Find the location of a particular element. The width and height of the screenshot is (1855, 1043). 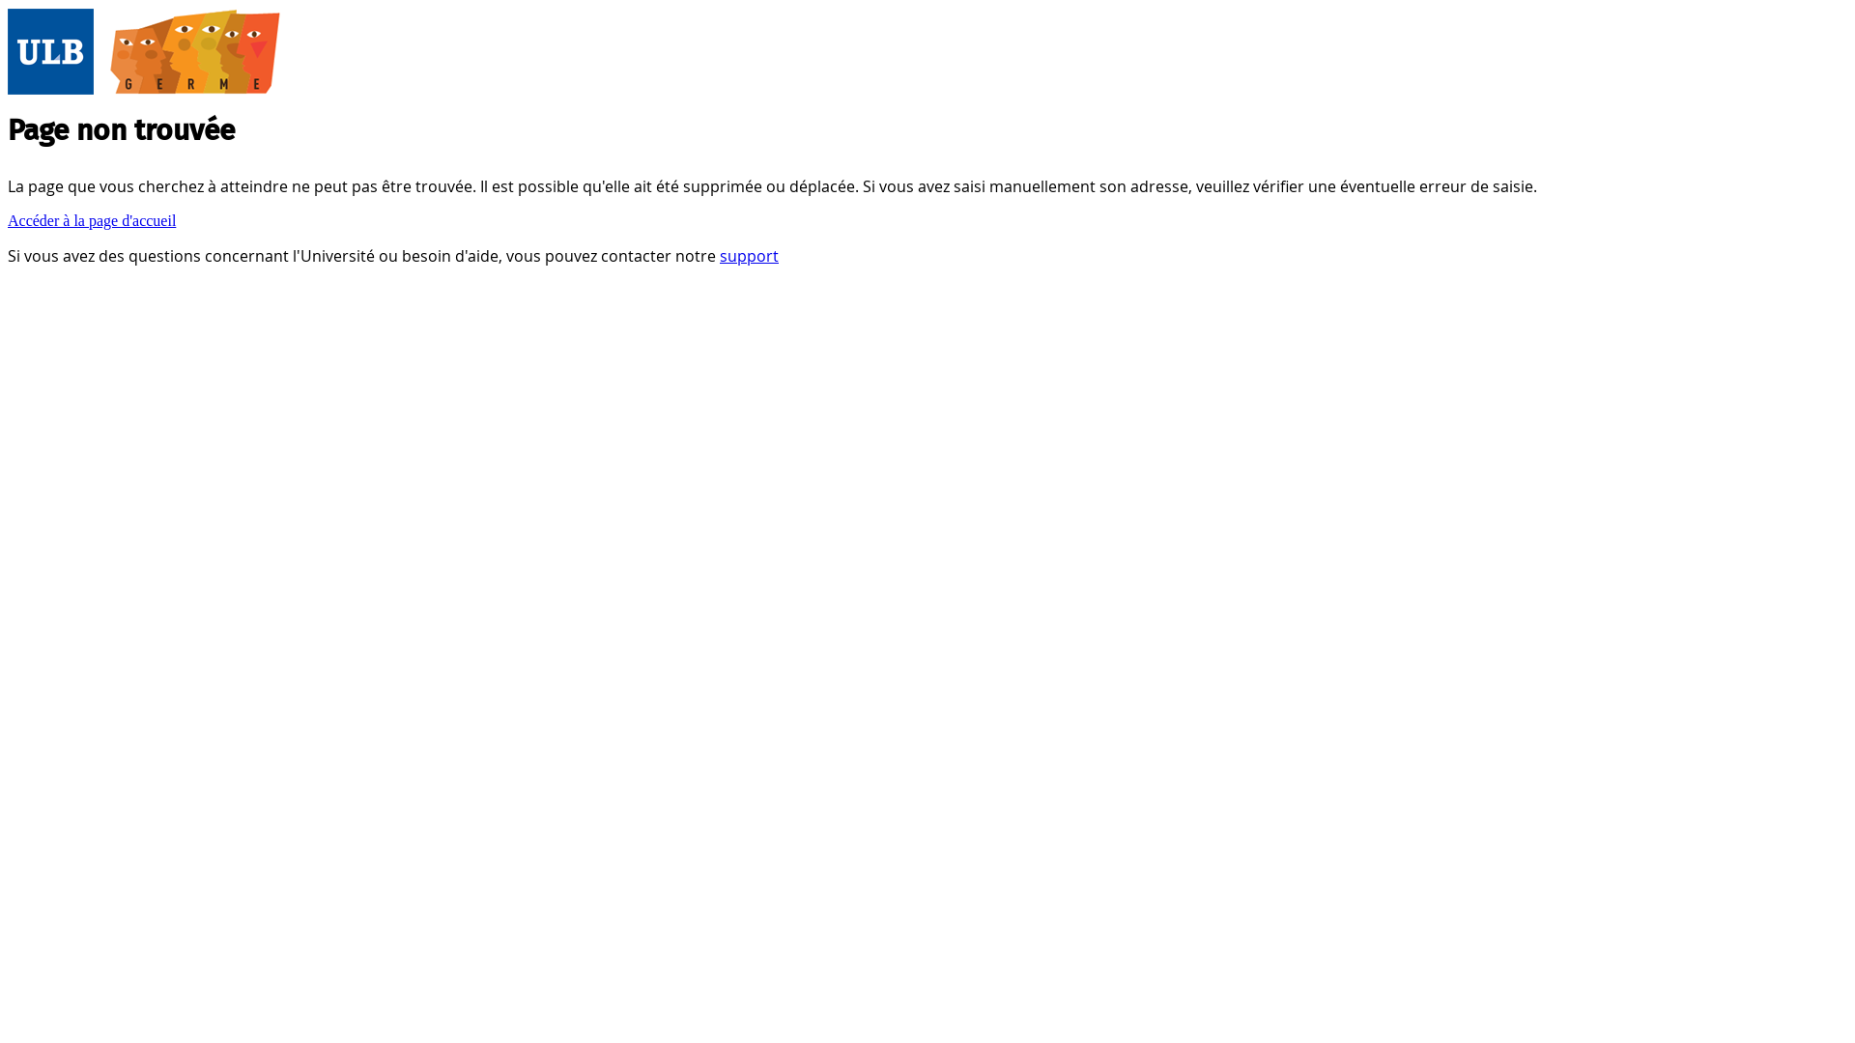

'support' is located at coordinates (748, 255).